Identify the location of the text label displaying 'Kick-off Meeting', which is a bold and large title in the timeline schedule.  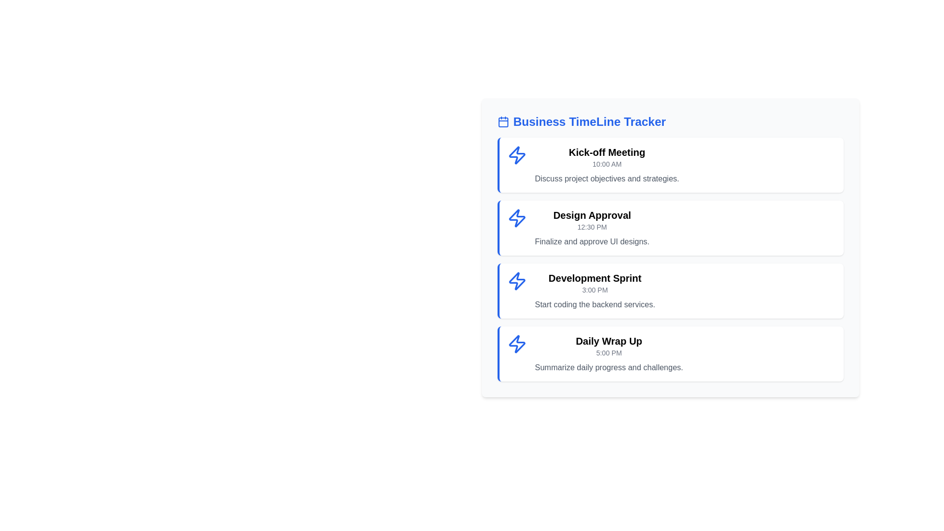
(606, 152).